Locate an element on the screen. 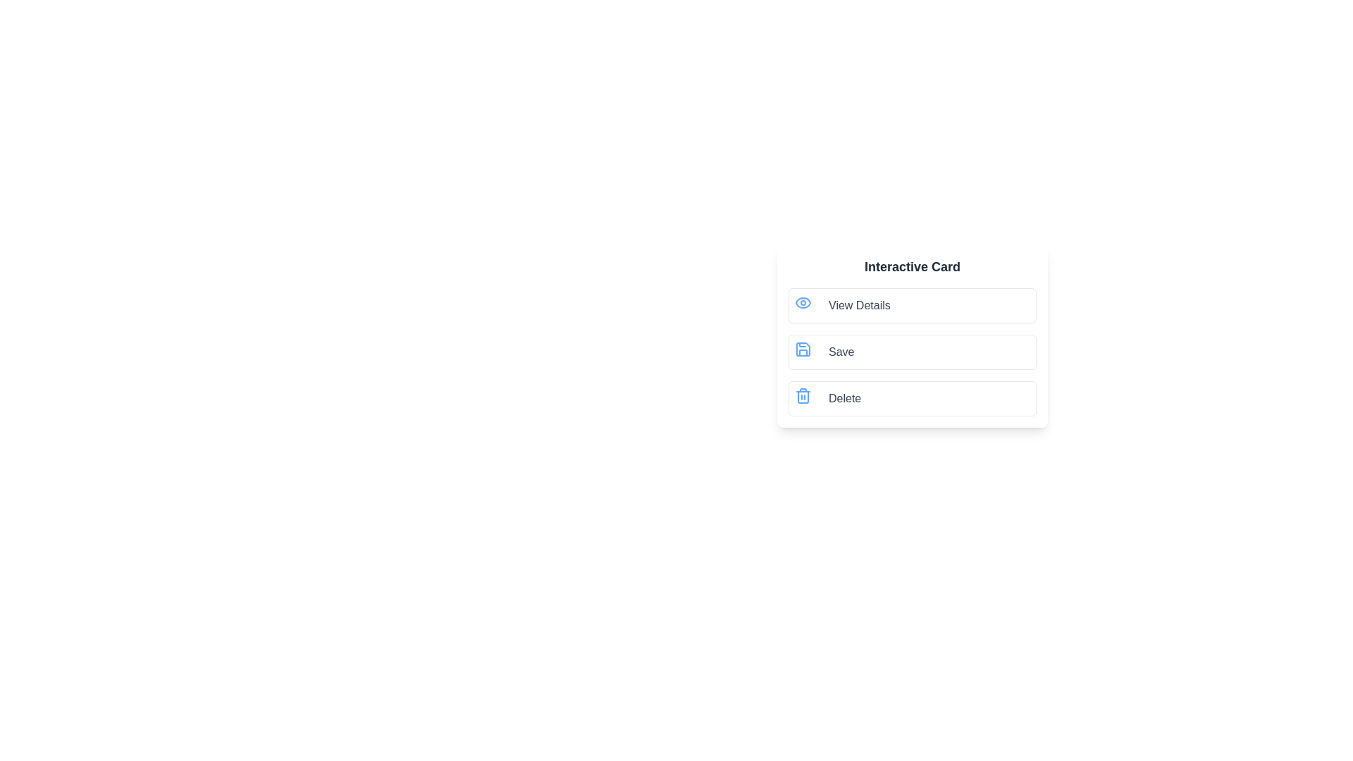  the light blue eye-shaped icon that is the first in the vertical list of actions within the interactive card layout, located to the left of the 'View Details' option is located at coordinates (803, 302).